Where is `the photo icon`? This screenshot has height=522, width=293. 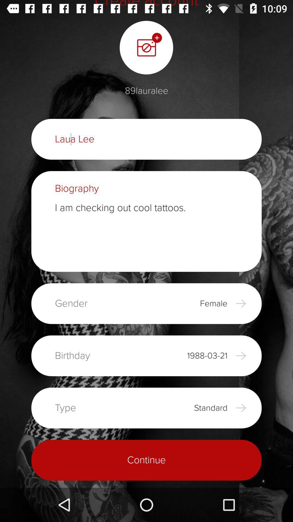
the photo icon is located at coordinates (146, 48).